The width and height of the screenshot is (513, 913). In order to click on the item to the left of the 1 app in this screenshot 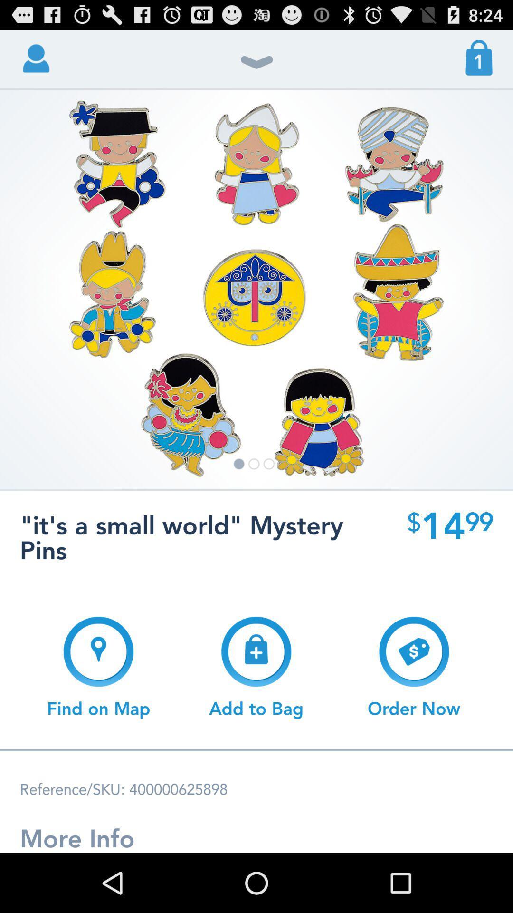, I will do `click(256, 67)`.